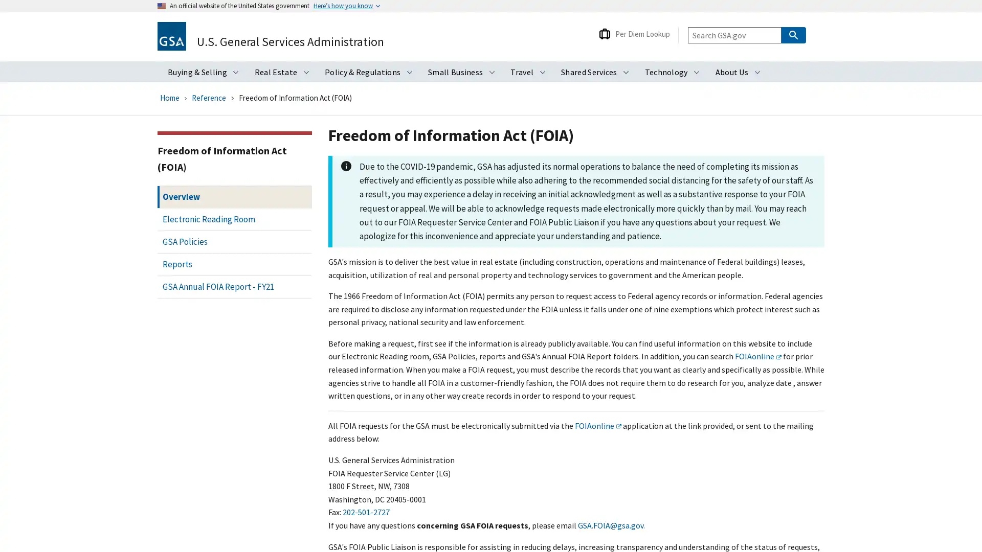  I want to click on Search, so click(793, 35).